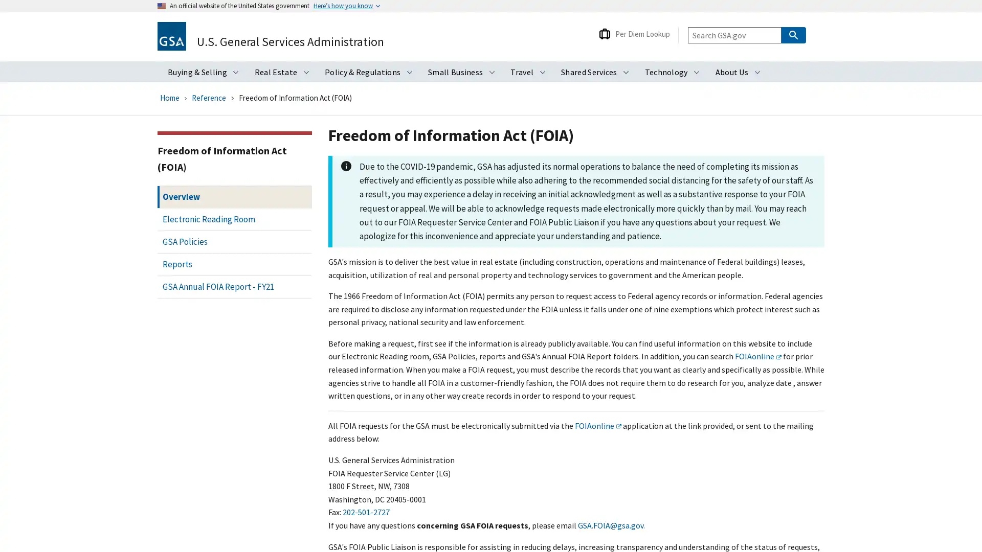  I want to click on Search, so click(793, 35).